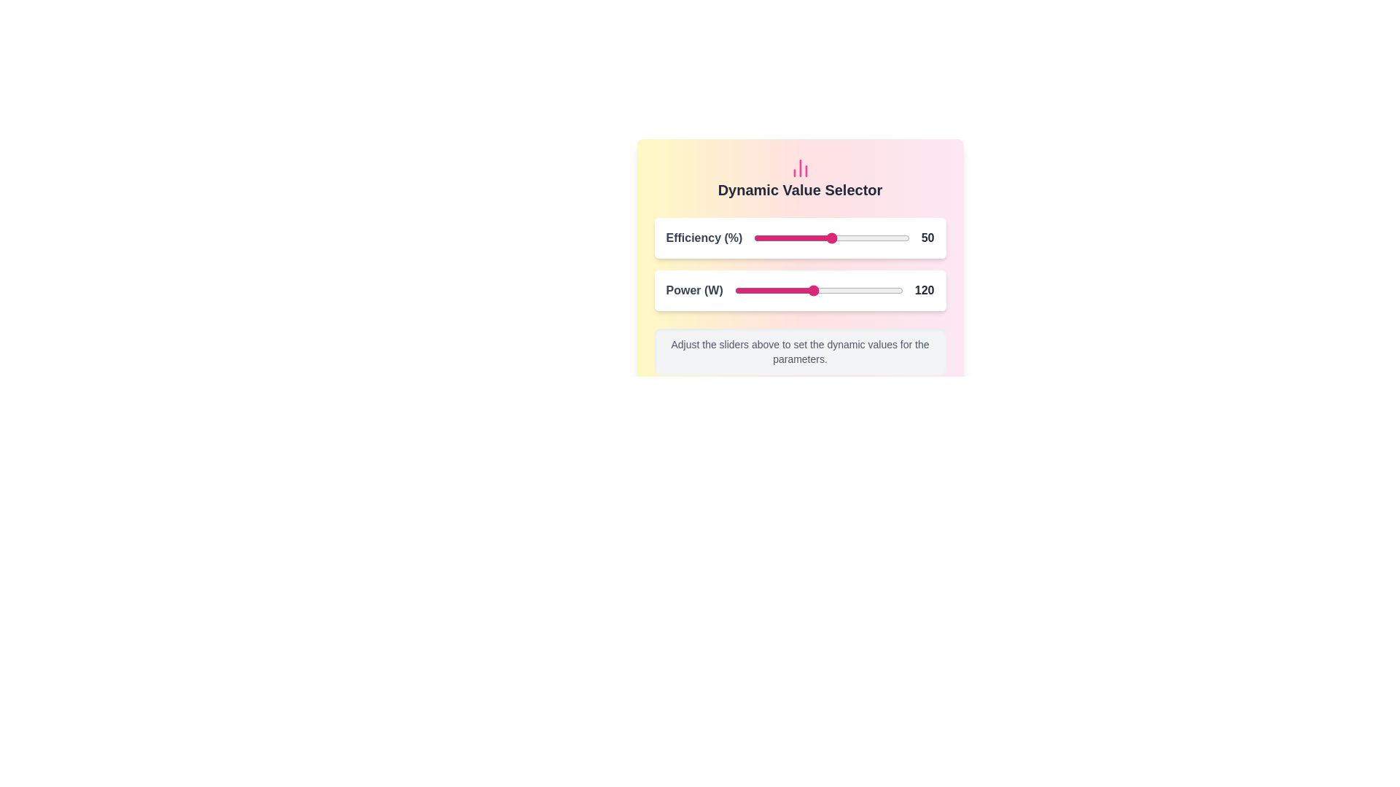 The height and width of the screenshot is (787, 1400). What do you see at coordinates (797, 238) in the screenshot?
I see `the Efficiency slider to 28 percentage` at bounding box center [797, 238].